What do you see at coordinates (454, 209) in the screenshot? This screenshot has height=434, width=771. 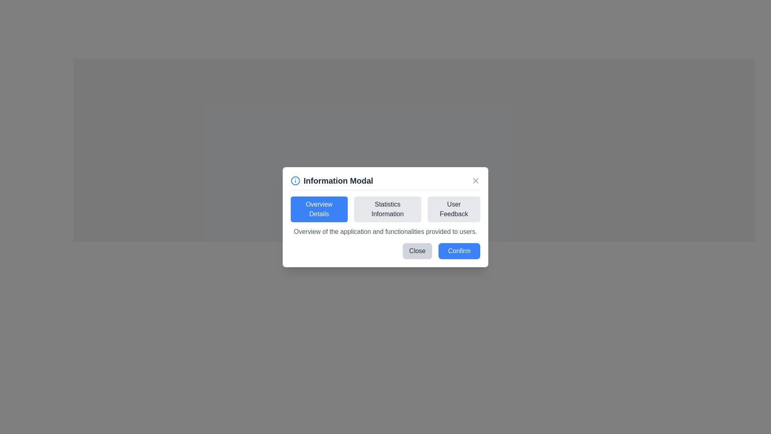 I see `the 'User Feedback' button, which is a rectangular button with rounded corners and a light gray background, located in the top right region of the modal window` at bounding box center [454, 209].